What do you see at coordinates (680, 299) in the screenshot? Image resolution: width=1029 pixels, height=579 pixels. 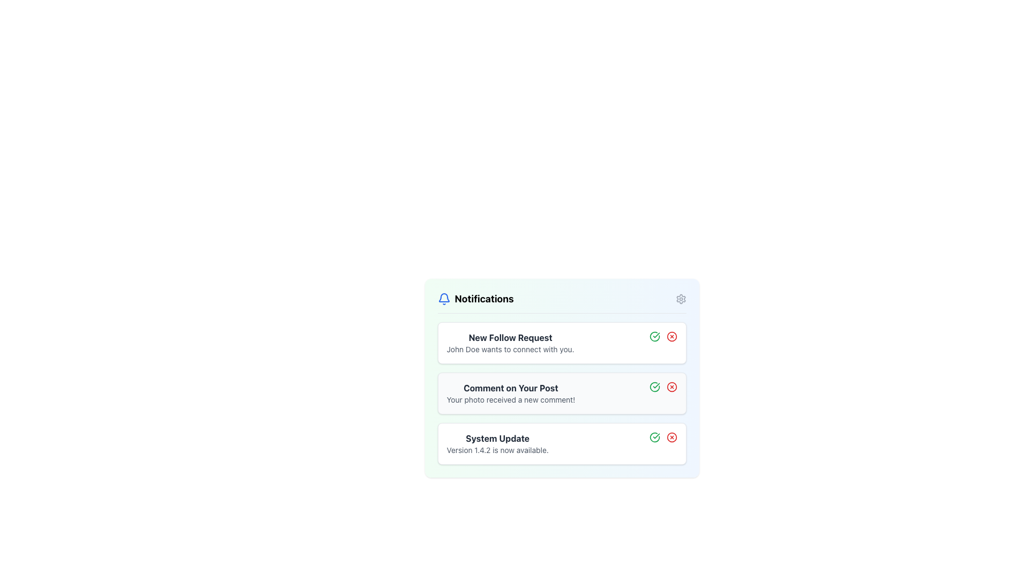 I see `the gear/settings icon located in the top-right corner of the notifications panel` at bounding box center [680, 299].